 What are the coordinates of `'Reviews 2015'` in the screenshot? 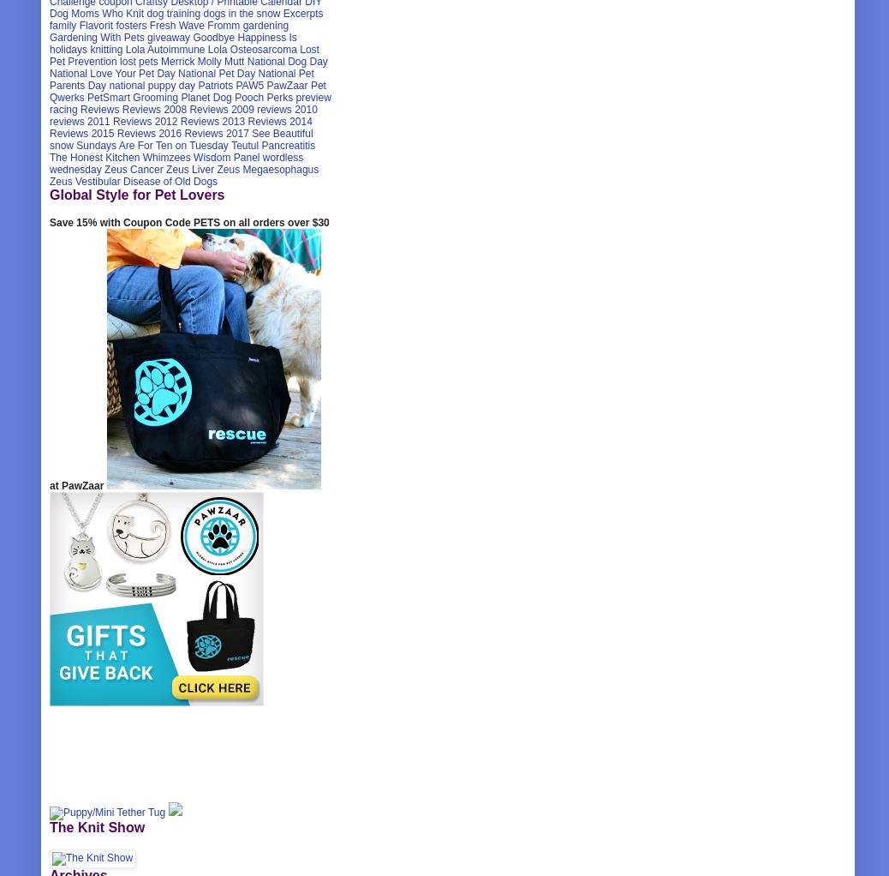 It's located at (49, 132).